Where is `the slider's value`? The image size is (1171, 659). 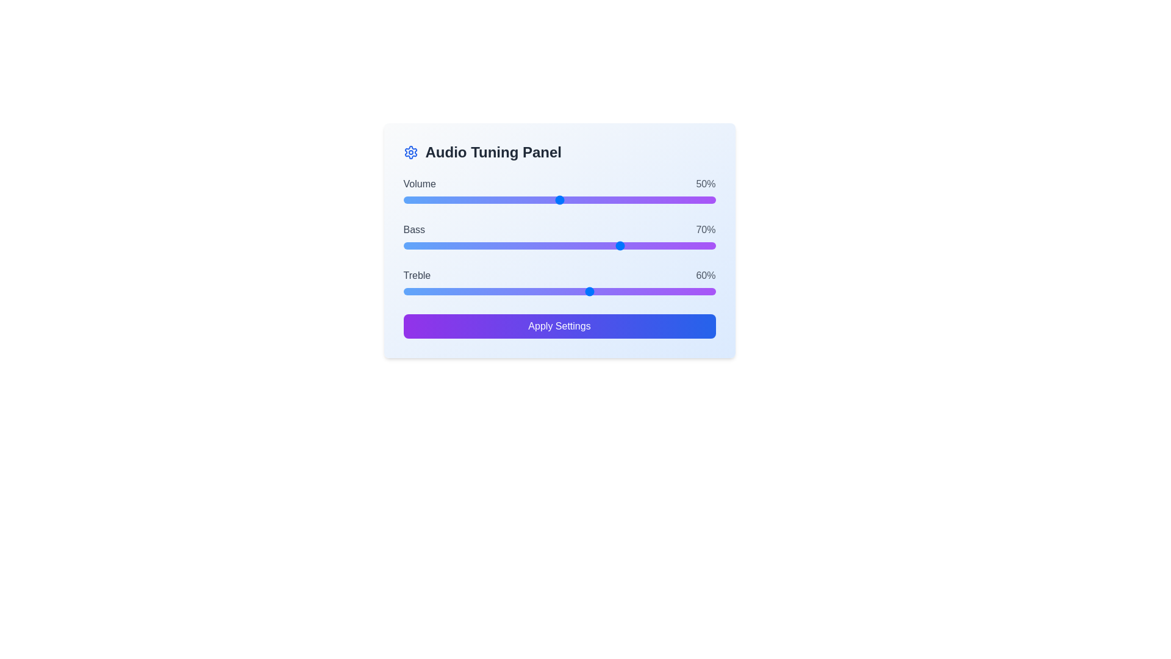 the slider's value is located at coordinates (468, 292).